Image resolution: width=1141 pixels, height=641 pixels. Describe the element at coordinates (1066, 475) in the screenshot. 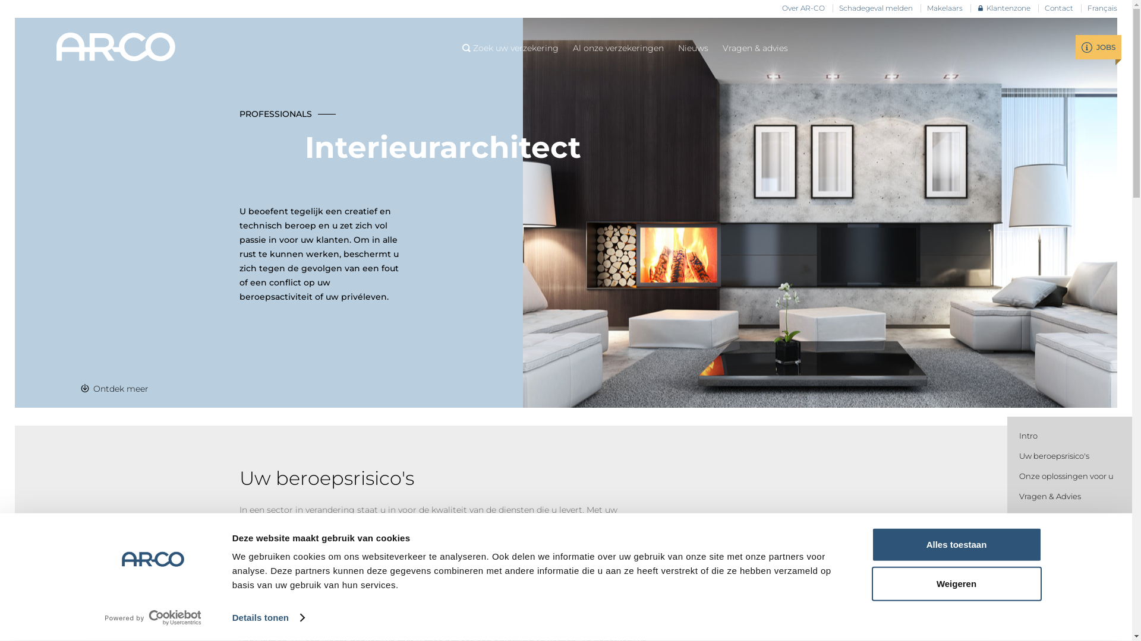

I see `'Onze oplossingen voor u'` at that location.